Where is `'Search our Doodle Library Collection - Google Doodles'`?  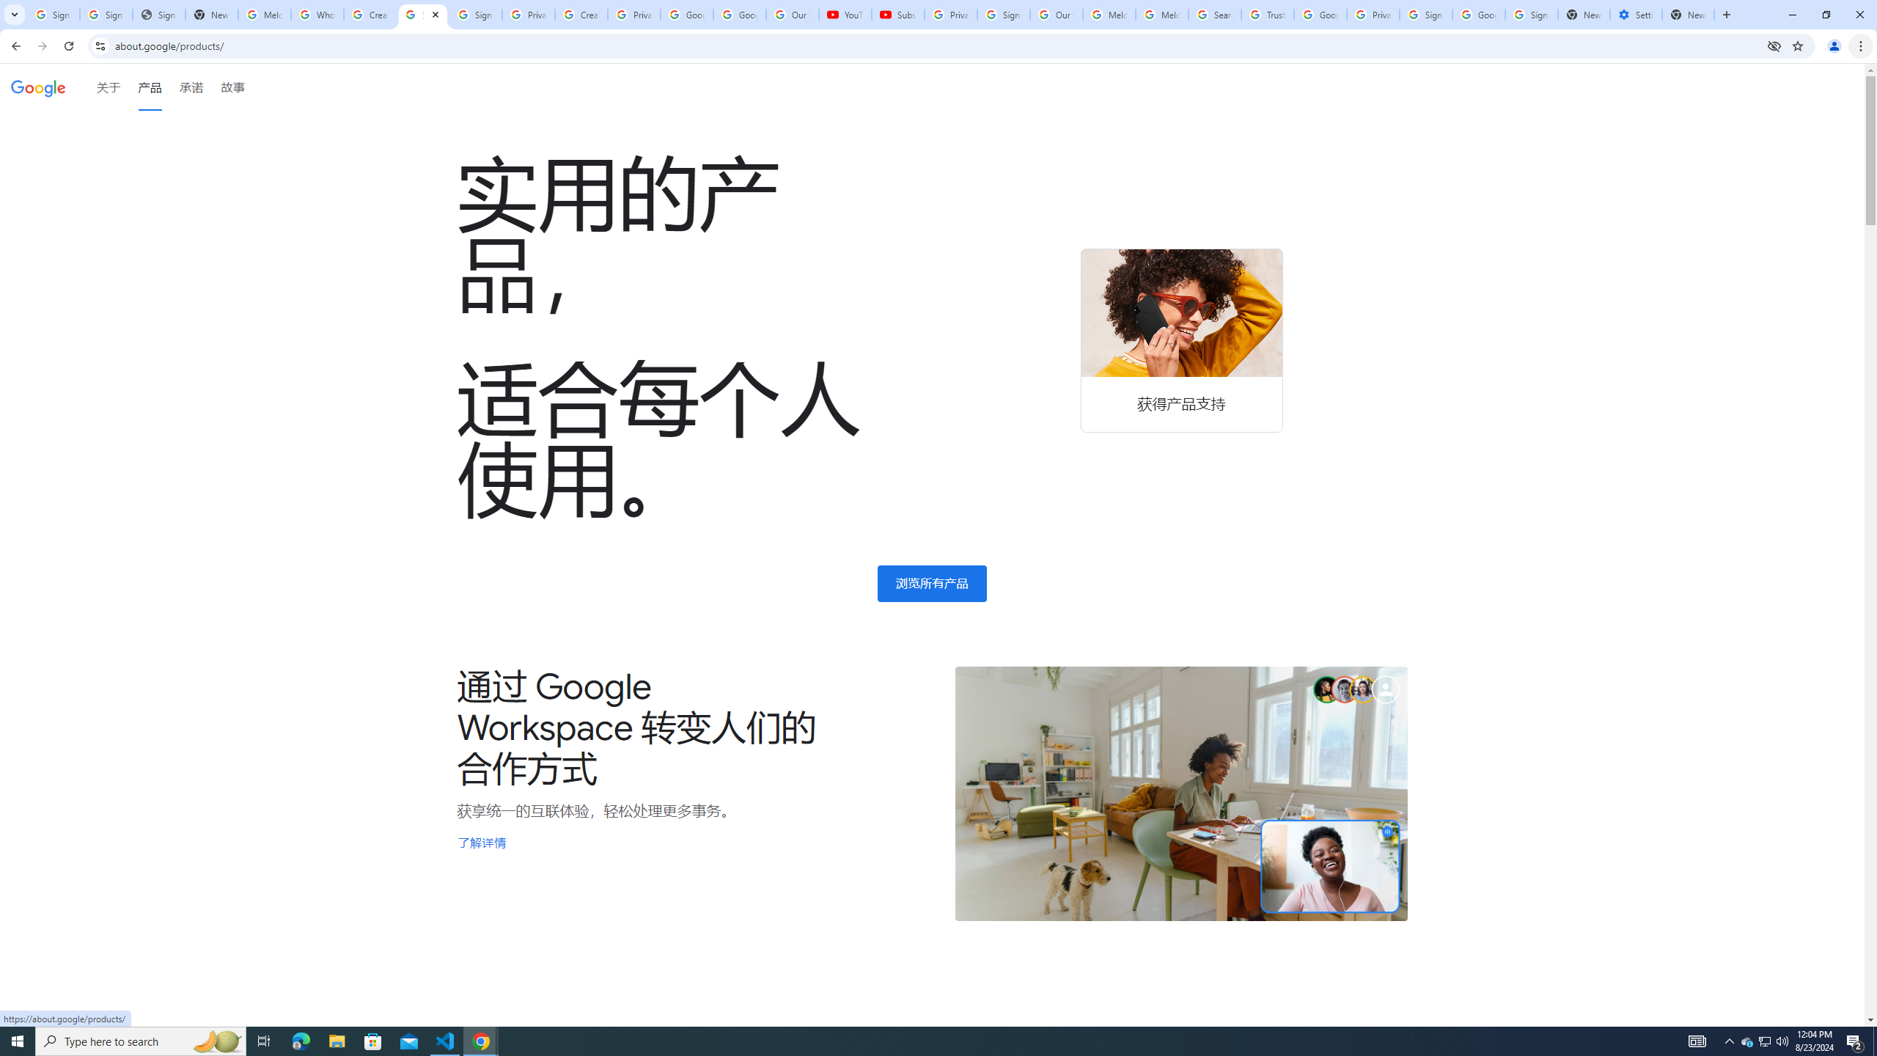
'Search our Doodle Library Collection - Google Doodles' is located at coordinates (1214, 14).